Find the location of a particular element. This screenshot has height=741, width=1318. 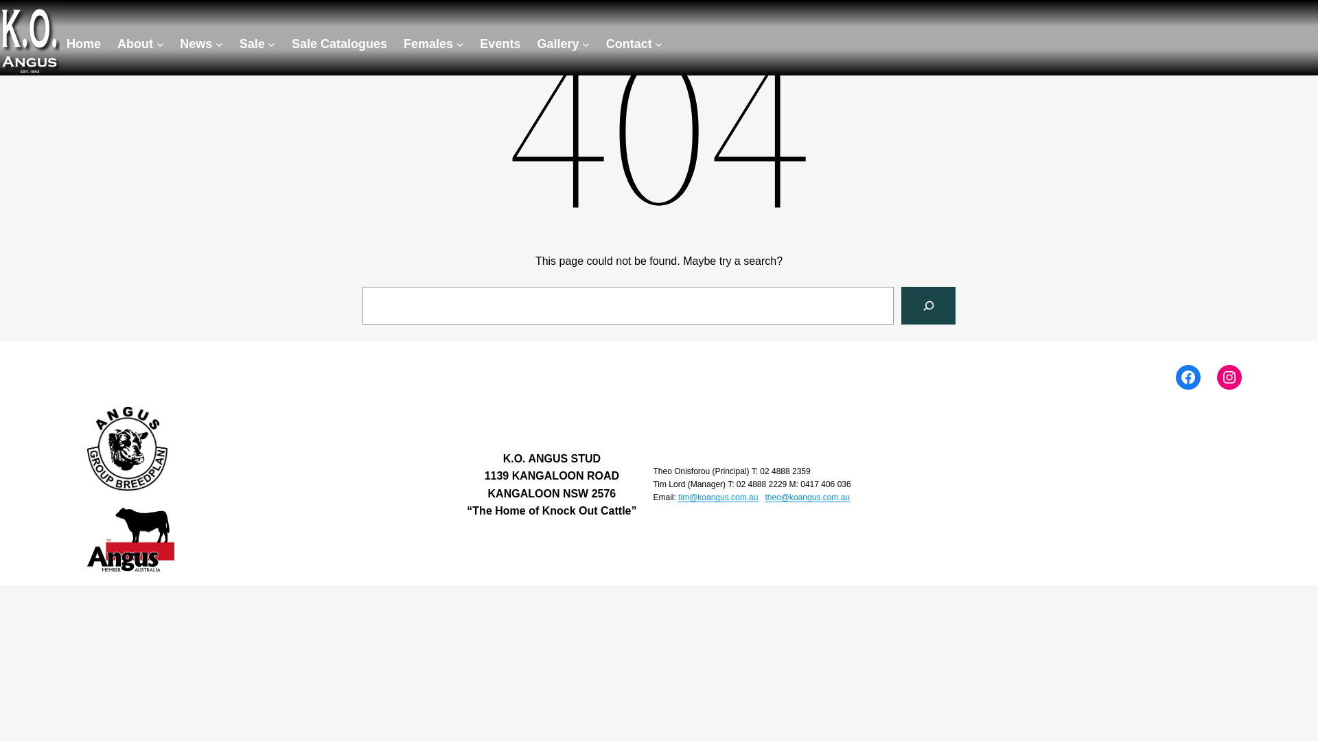

'theo@koangus.com.au' is located at coordinates (807, 497).